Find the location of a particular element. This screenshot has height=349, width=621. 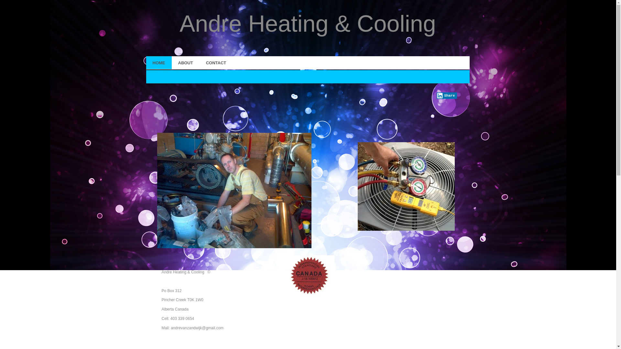

'HOME is located at coordinates (307, 63).